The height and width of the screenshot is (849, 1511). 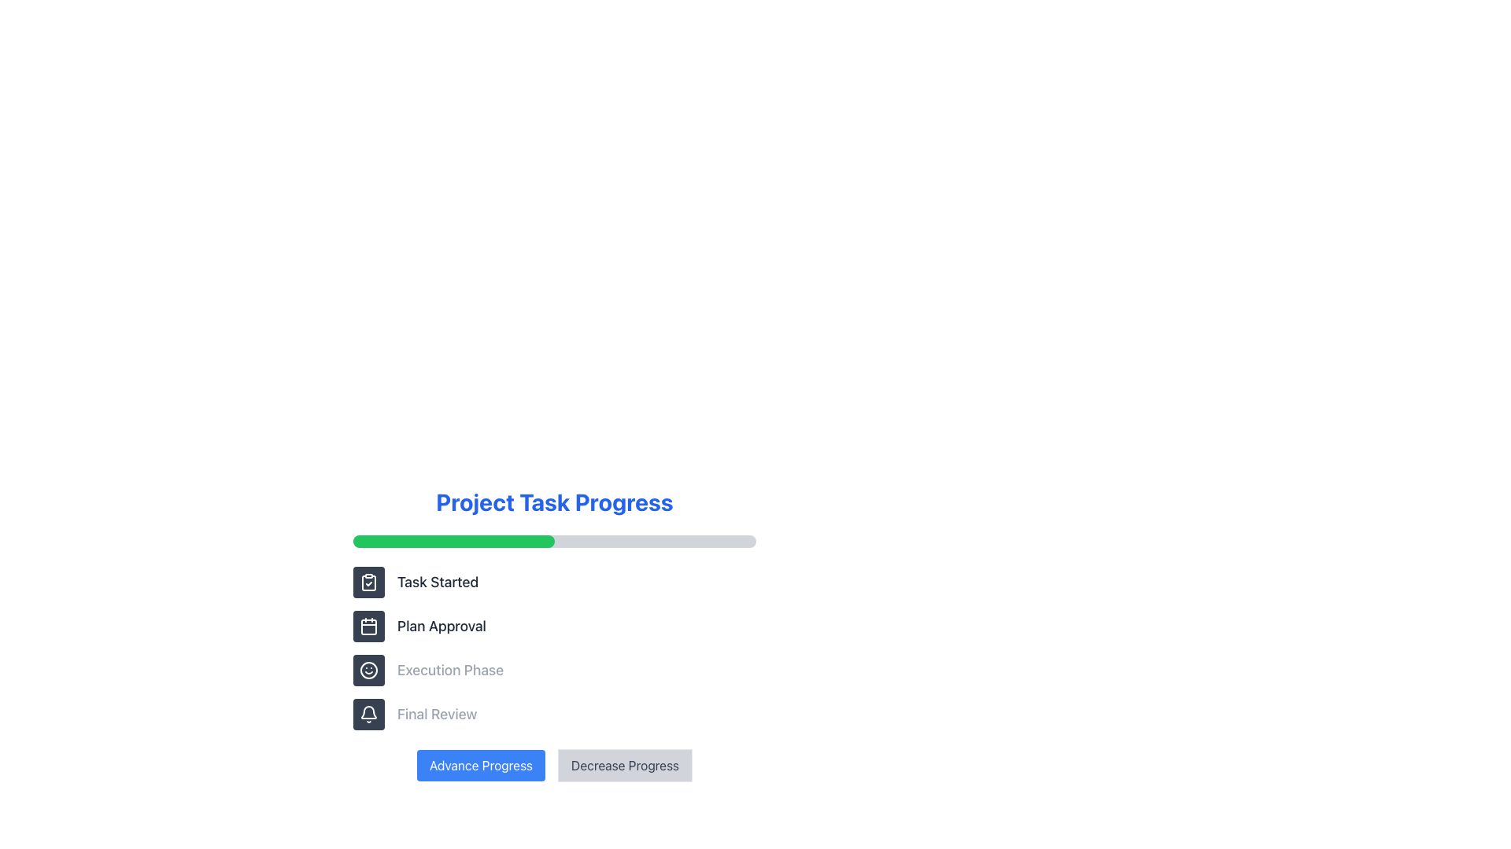 What do you see at coordinates (480, 765) in the screenshot?
I see `the rectangular button labeled 'Advance Progress' with a blue background` at bounding box center [480, 765].